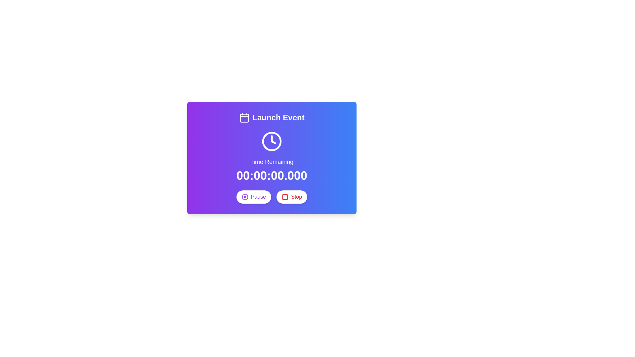 Image resolution: width=635 pixels, height=357 pixels. What do you see at coordinates (272, 162) in the screenshot?
I see `the text label reading 'Time Remaining', which is styled prominently and is located between a clock symbol and a digital timer display` at bounding box center [272, 162].